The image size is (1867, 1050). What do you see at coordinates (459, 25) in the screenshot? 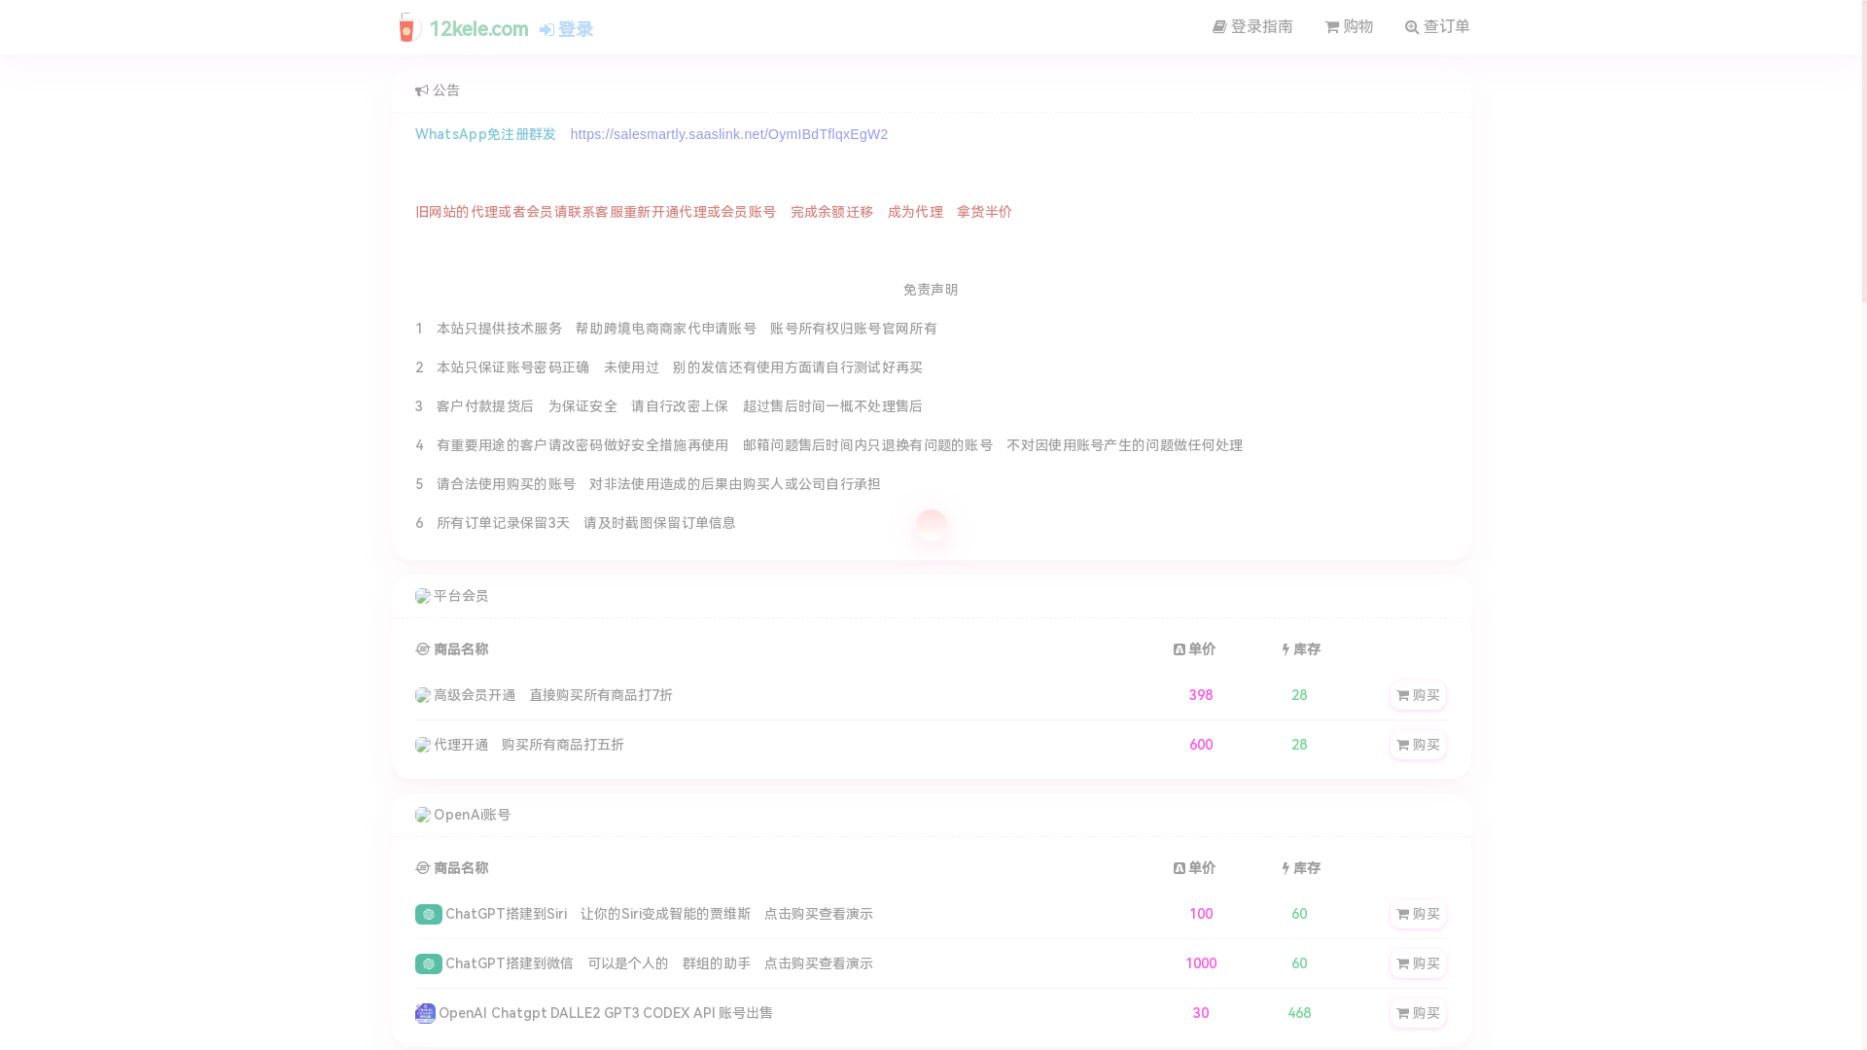
I see `'12kele.com'` at bounding box center [459, 25].